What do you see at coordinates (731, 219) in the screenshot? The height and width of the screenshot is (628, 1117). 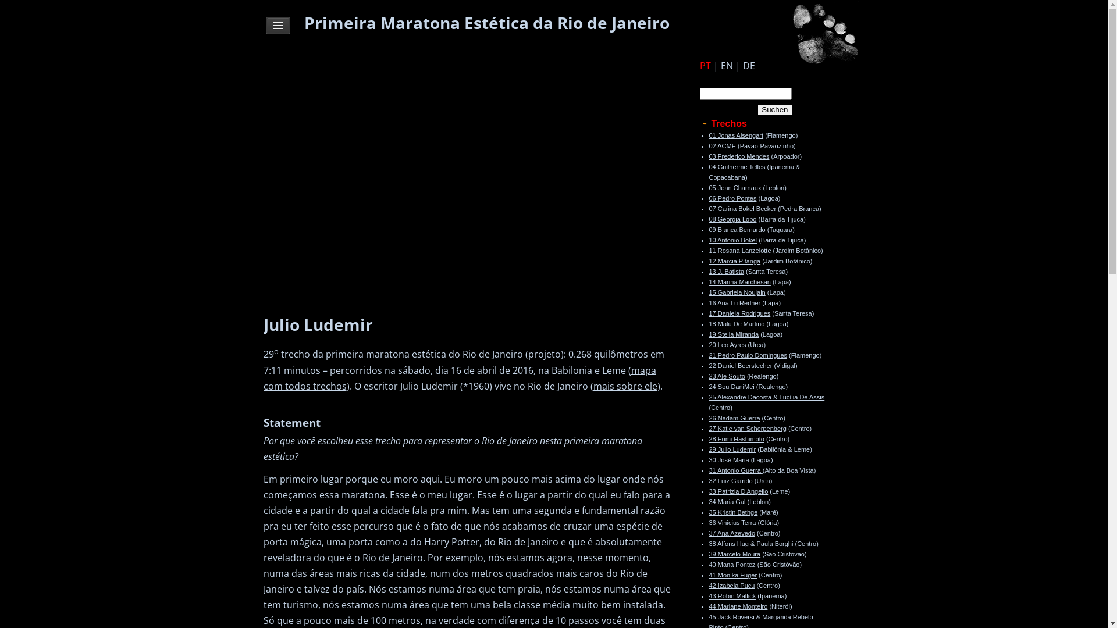 I see `'08 Georgia Lobo'` at bounding box center [731, 219].